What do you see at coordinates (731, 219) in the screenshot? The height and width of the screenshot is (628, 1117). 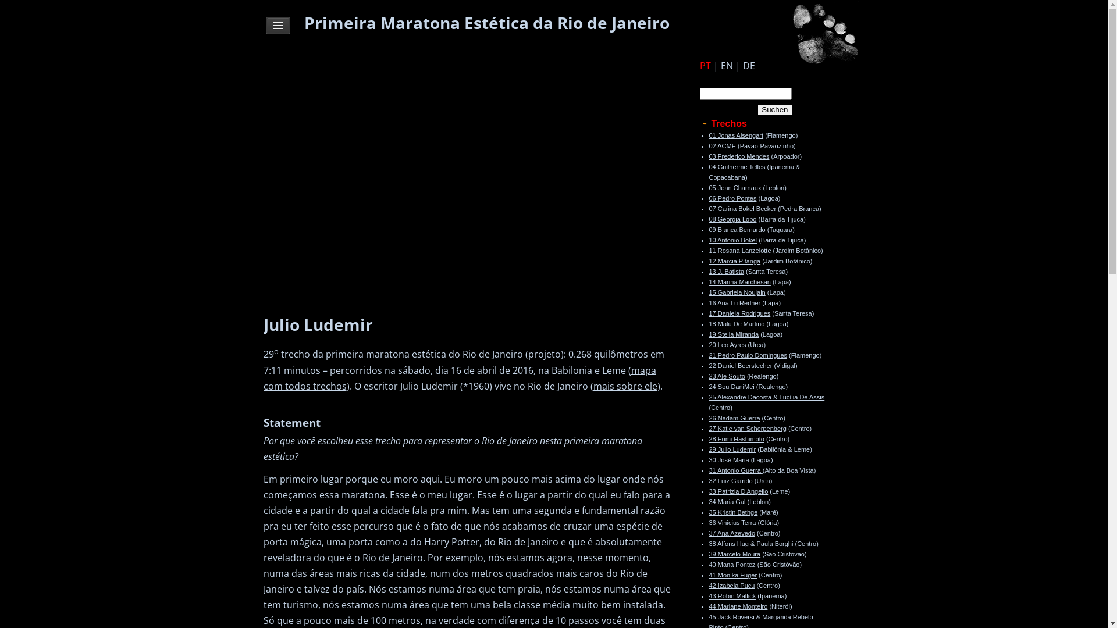 I see `'08 Georgia Lobo'` at bounding box center [731, 219].